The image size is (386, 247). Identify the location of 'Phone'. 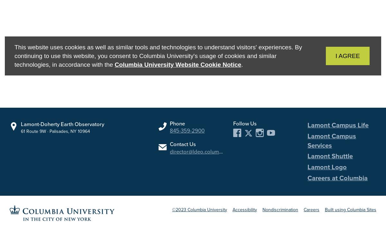
(177, 123).